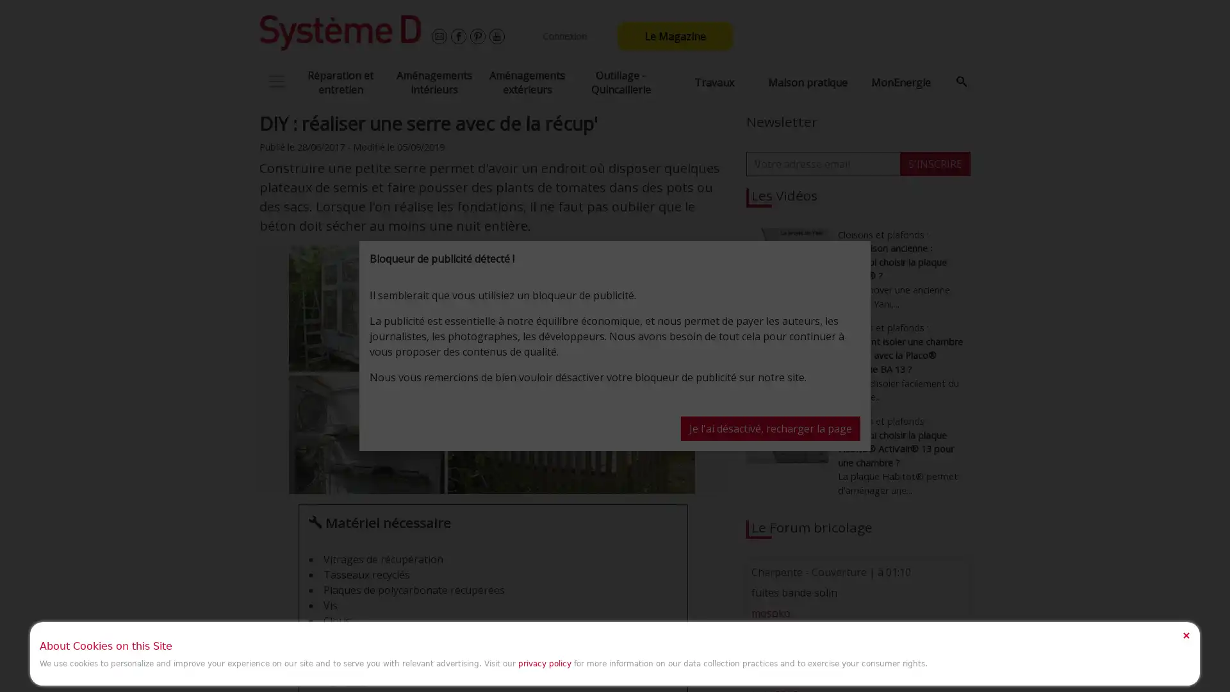 The width and height of the screenshot is (1230, 692). Describe the element at coordinates (935, 162) in the screenshot. I see `S'INSCRIRE` at that location.